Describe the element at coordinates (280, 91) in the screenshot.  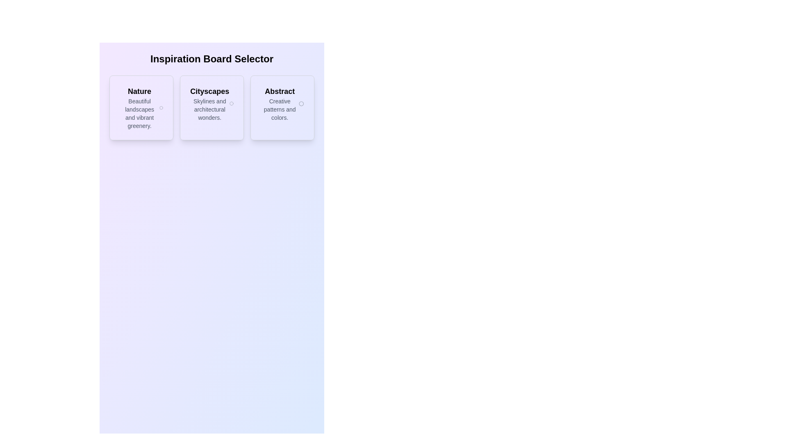
I see `the 'Abstract' text label, which is displayed in a bold and larger font at the top of the rightmost card under the 'Inspiration Board Selector'` at that location.